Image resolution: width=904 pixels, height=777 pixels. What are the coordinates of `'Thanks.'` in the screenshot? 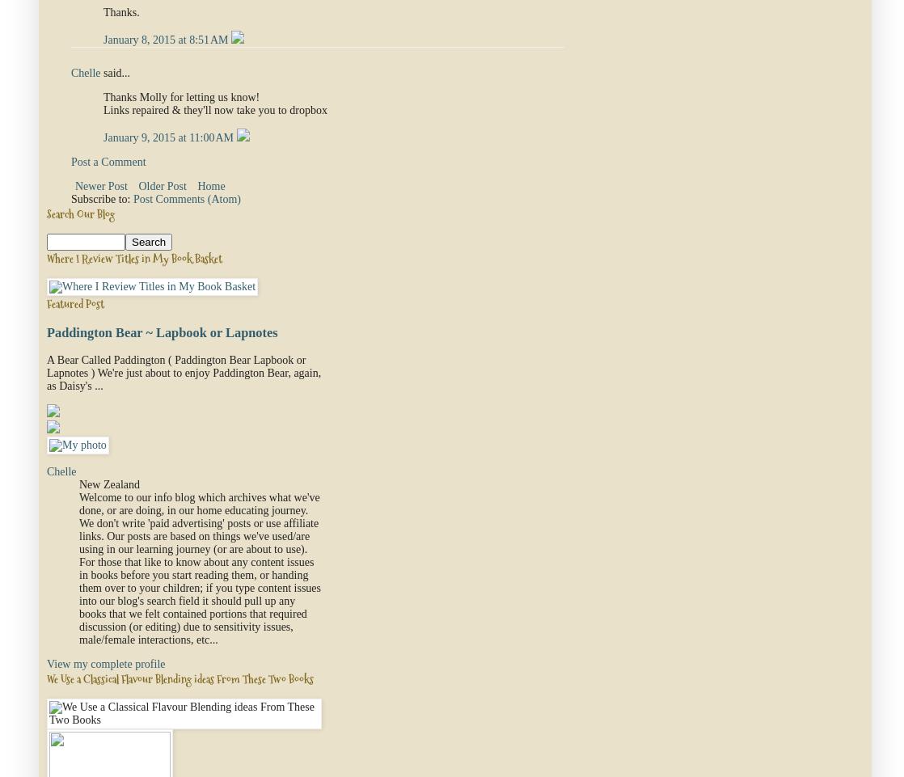 It's located at (121, 11).